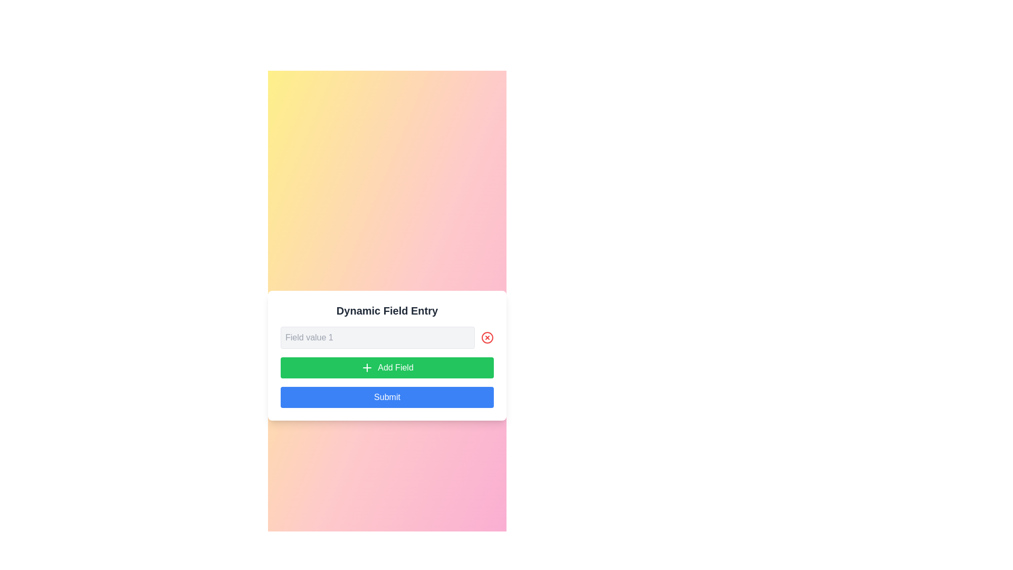 This screenshot has height=570, width=1013. I want to click on the close or delete button located to the right of the 'Field value 1' input field, so click(487, 338).